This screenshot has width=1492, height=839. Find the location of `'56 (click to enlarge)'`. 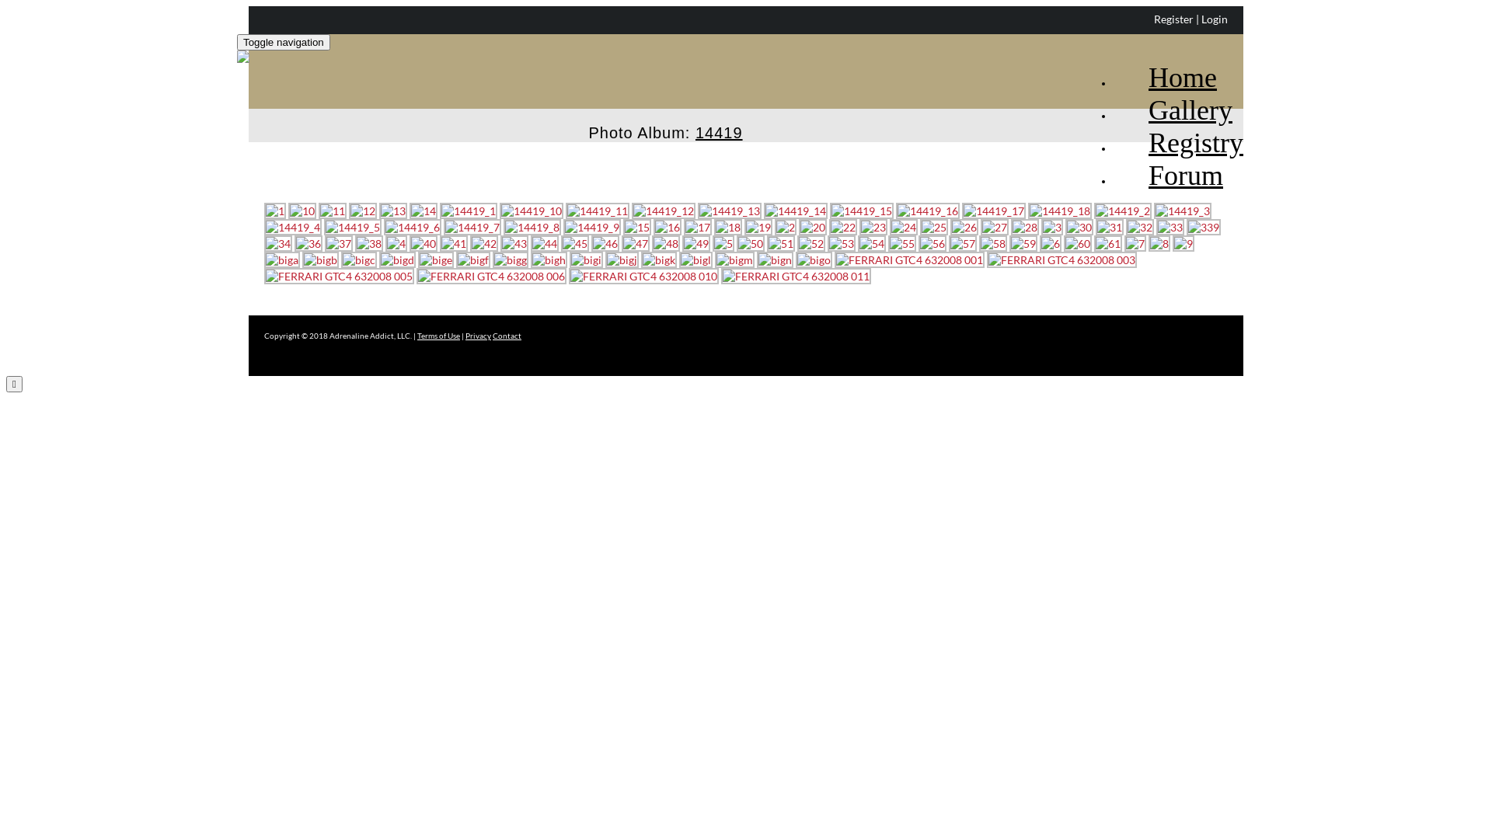

'56 (click to enlarge)' is located at coordinates (918, 243).